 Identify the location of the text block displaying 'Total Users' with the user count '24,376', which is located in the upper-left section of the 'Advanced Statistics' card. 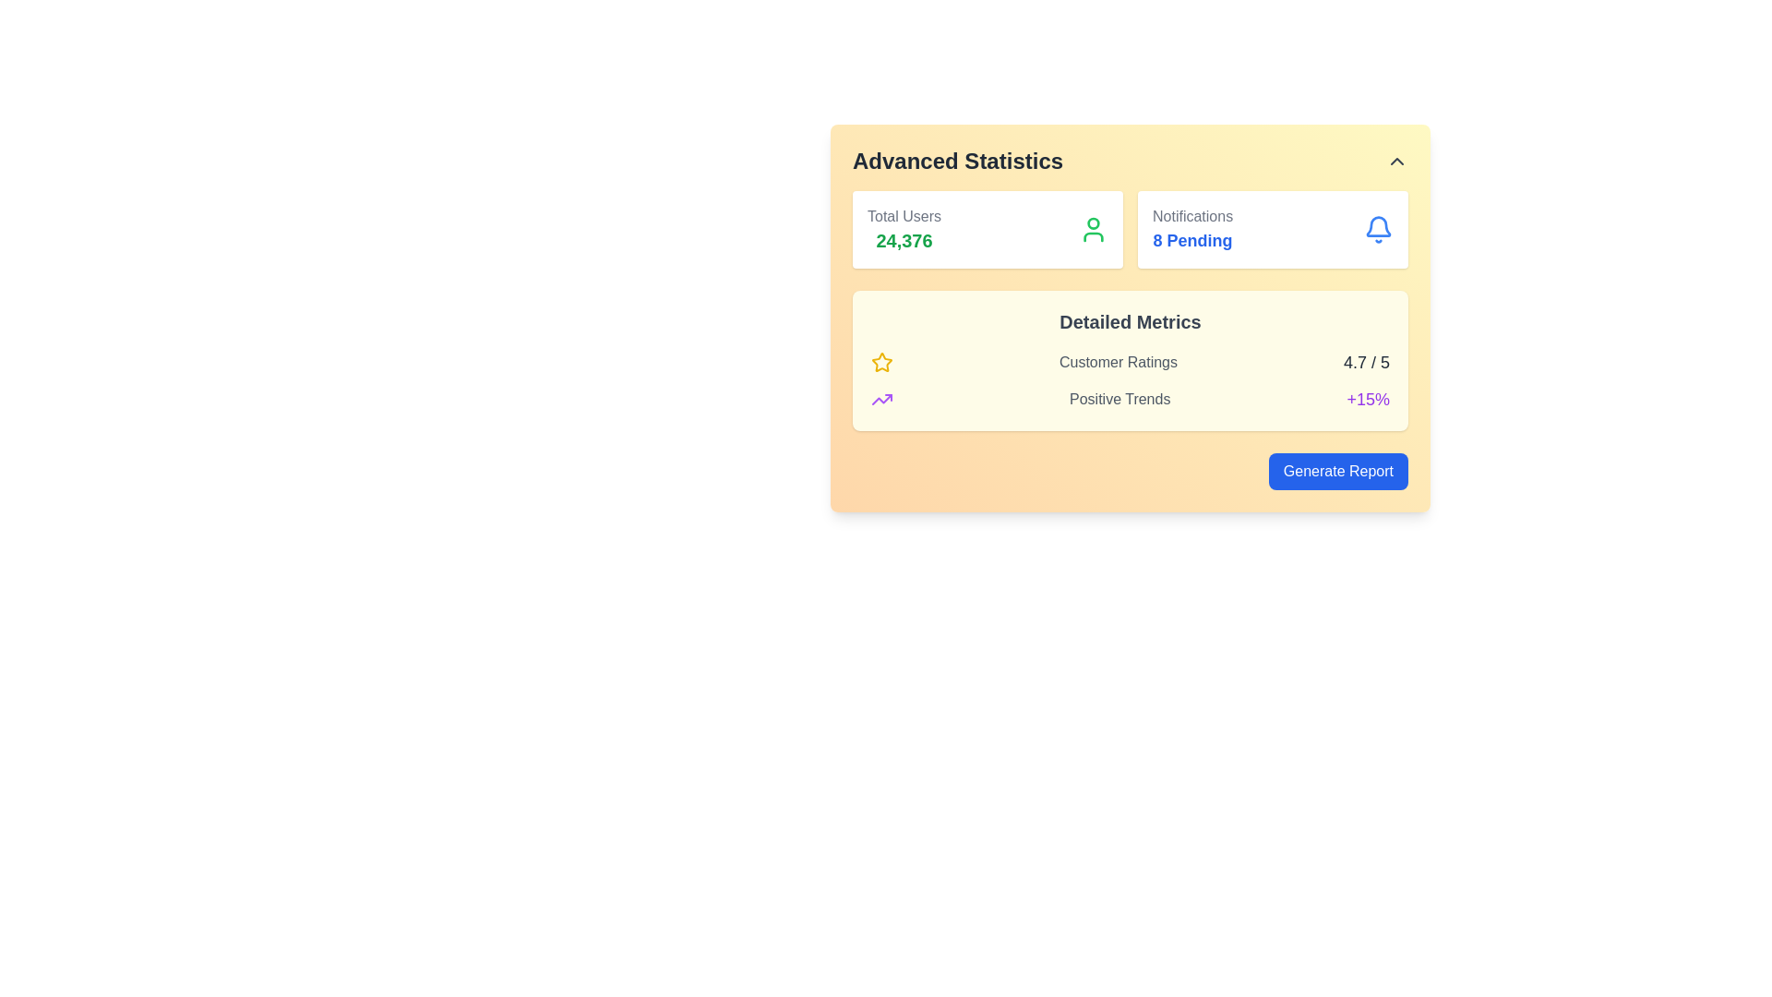
(904, 229).